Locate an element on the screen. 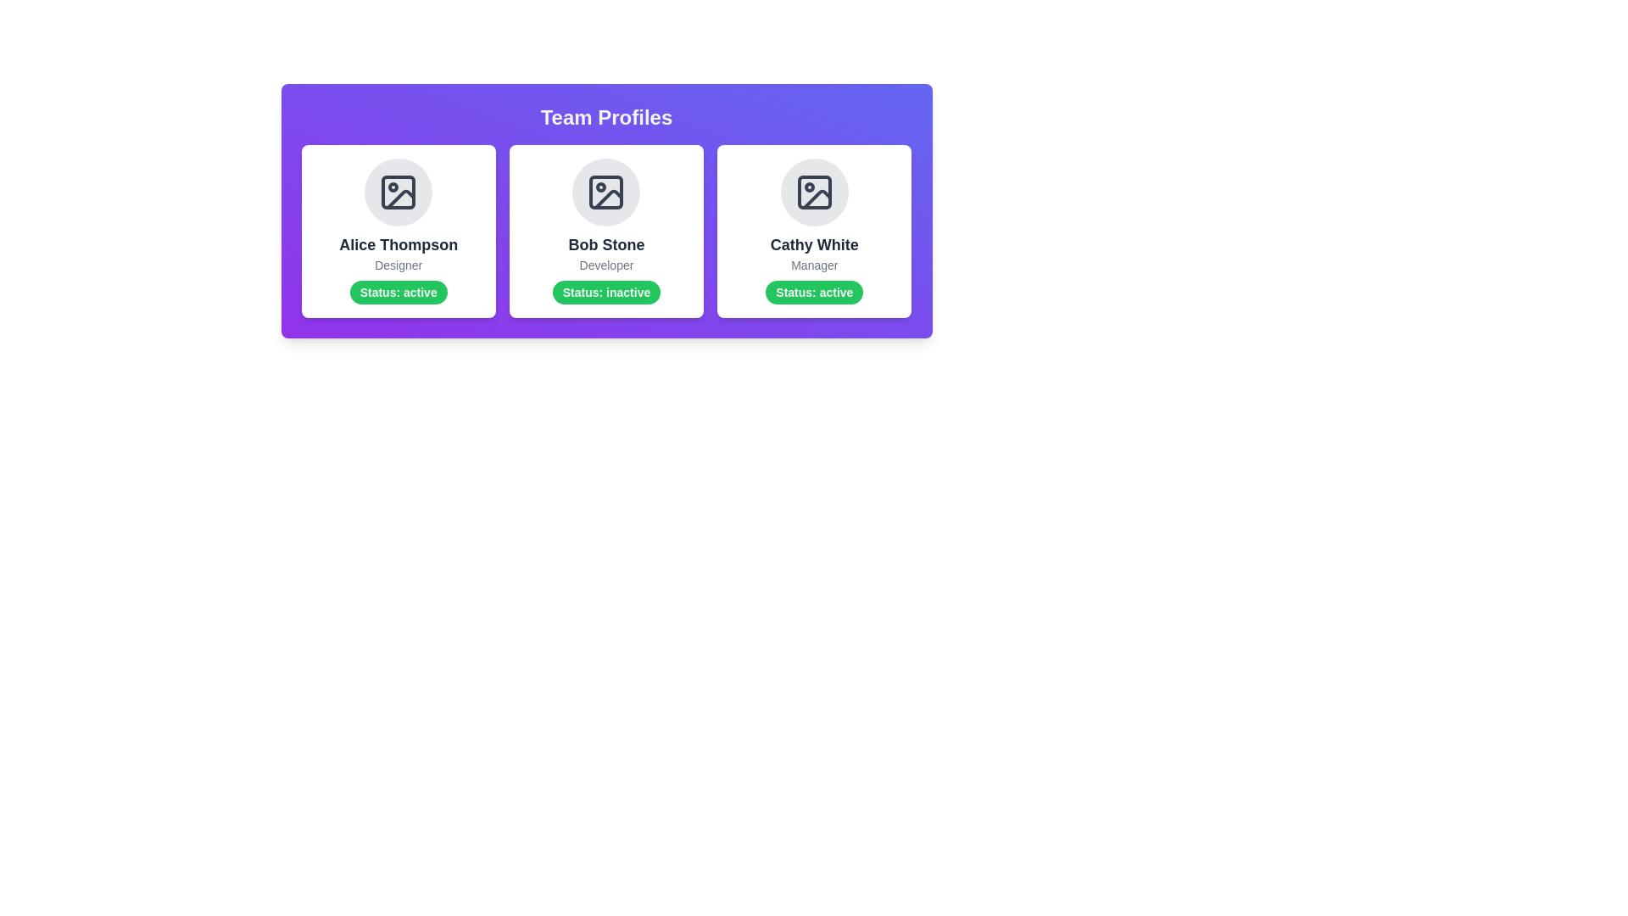 The image size is (1628, 916). the circular avatar image placeholder for 'Bob Stone' is located at coordinates (606, 192).